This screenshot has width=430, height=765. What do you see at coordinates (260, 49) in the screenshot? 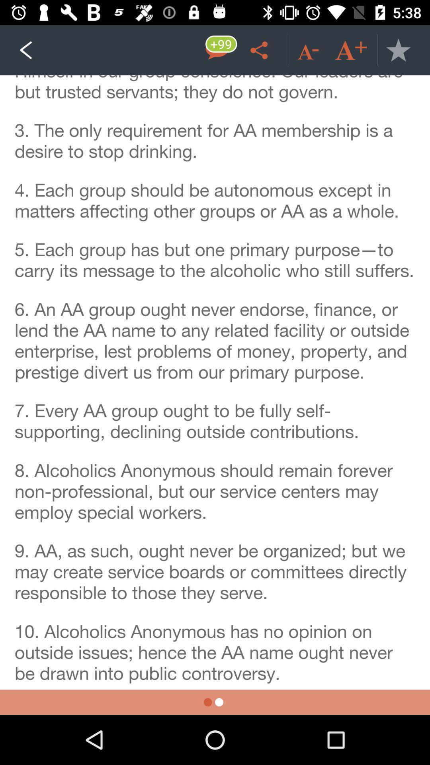
I see `share` at bounding box center [260, 49].